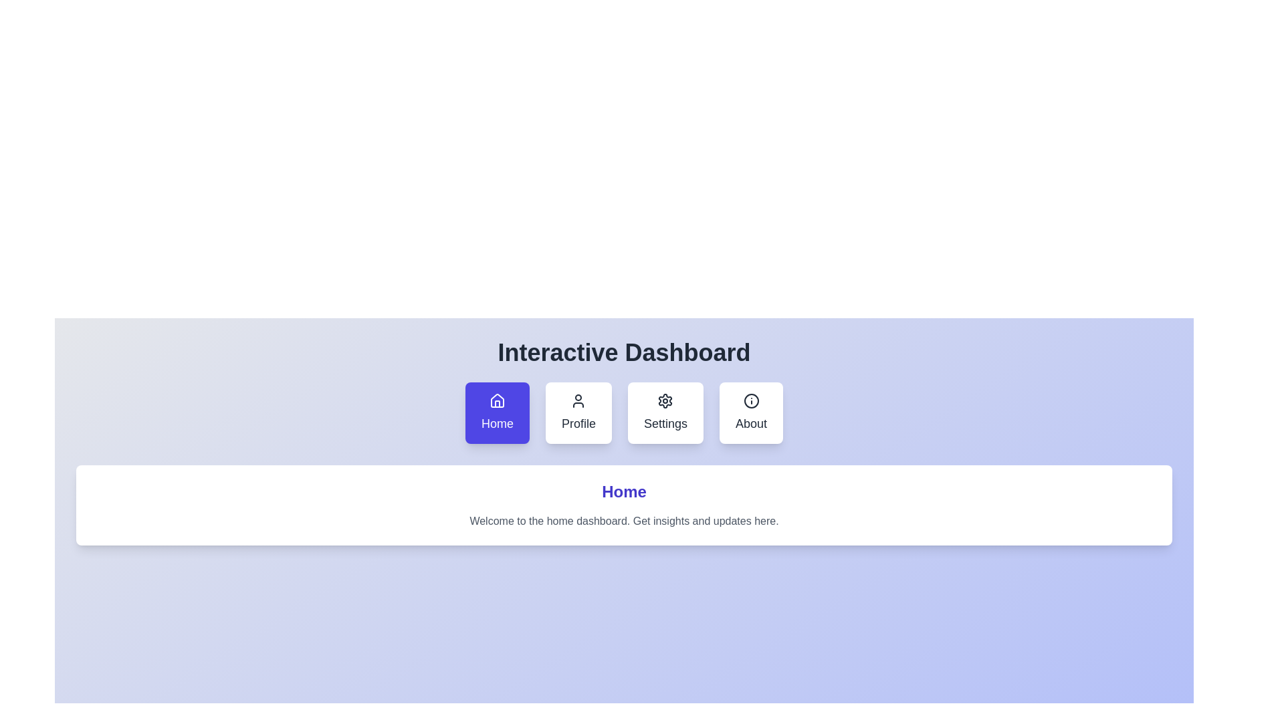 Image resolution: width=1284 pixels, height=722 pixels. What do you see at coordinates (497, 412) in the screenshot?
I see `the 'Home' button, which has a purple background, white text, and a house icon above it` at bounding box center [497, 412].